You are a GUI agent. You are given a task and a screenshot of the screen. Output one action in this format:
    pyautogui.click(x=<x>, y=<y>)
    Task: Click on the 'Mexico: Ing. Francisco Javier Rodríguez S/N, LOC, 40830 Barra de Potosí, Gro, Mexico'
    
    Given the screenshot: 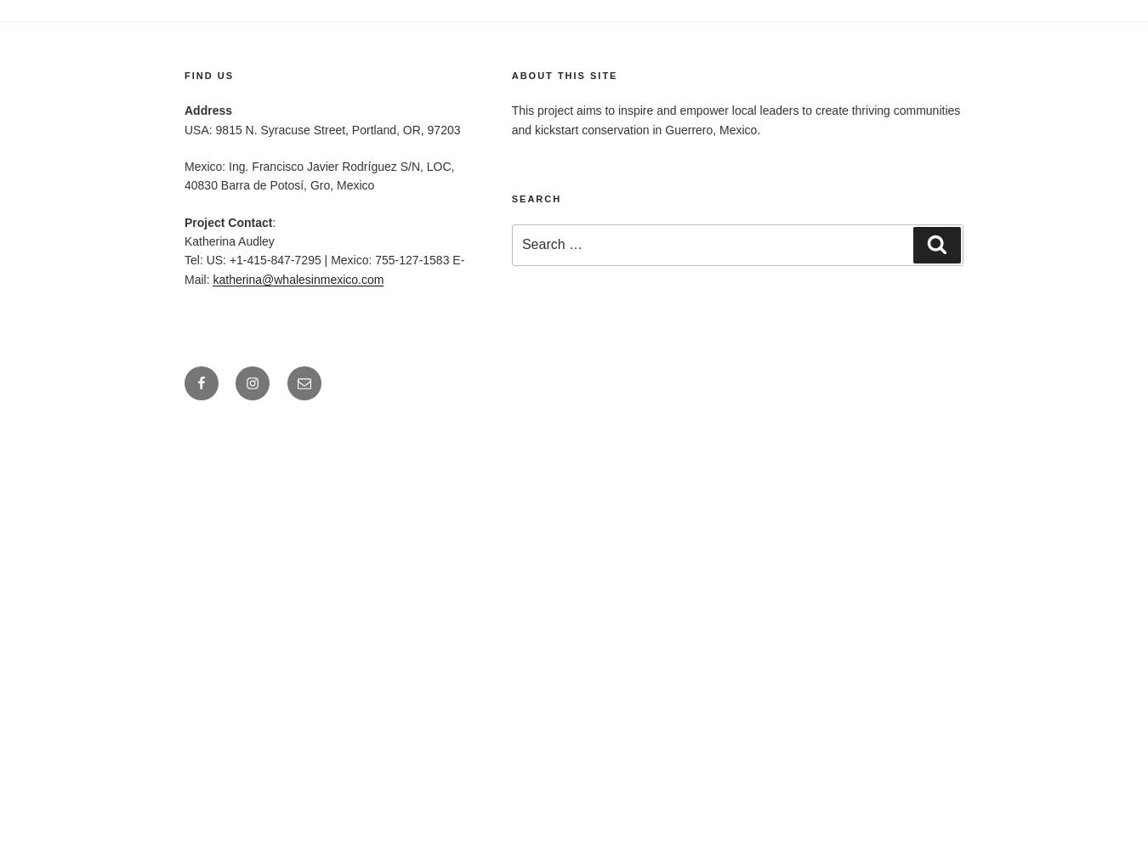 What is the action you would take?
    pyautogui.click(x=184, y=174)
    